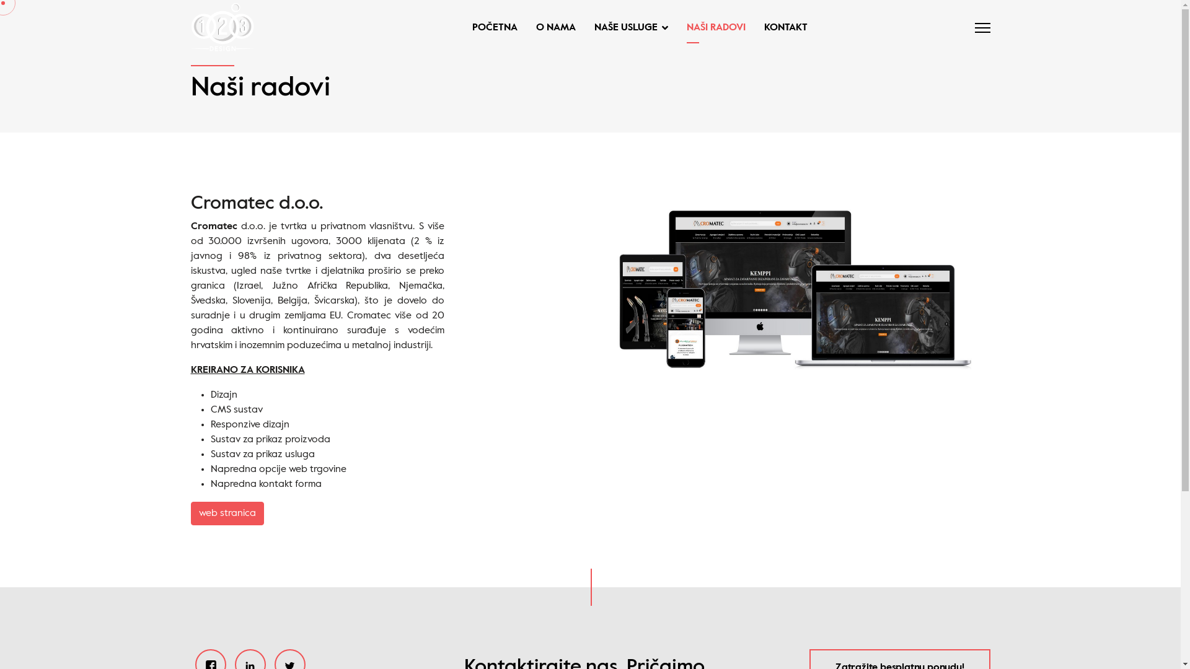 The height and width of the screenshot is (669, 1190). What do you see at coordinates (780, 28) in the screenshot?
I see `'KONTAKT'` at bounding box center [780, 28].